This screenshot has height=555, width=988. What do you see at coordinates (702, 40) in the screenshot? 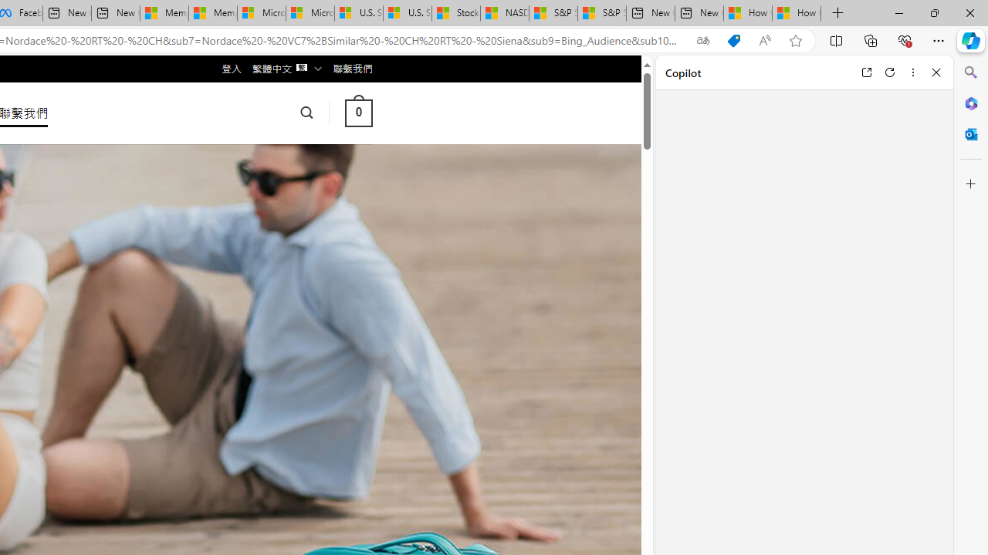
I see `'Show translate options'` at bounding box center [702, 40].